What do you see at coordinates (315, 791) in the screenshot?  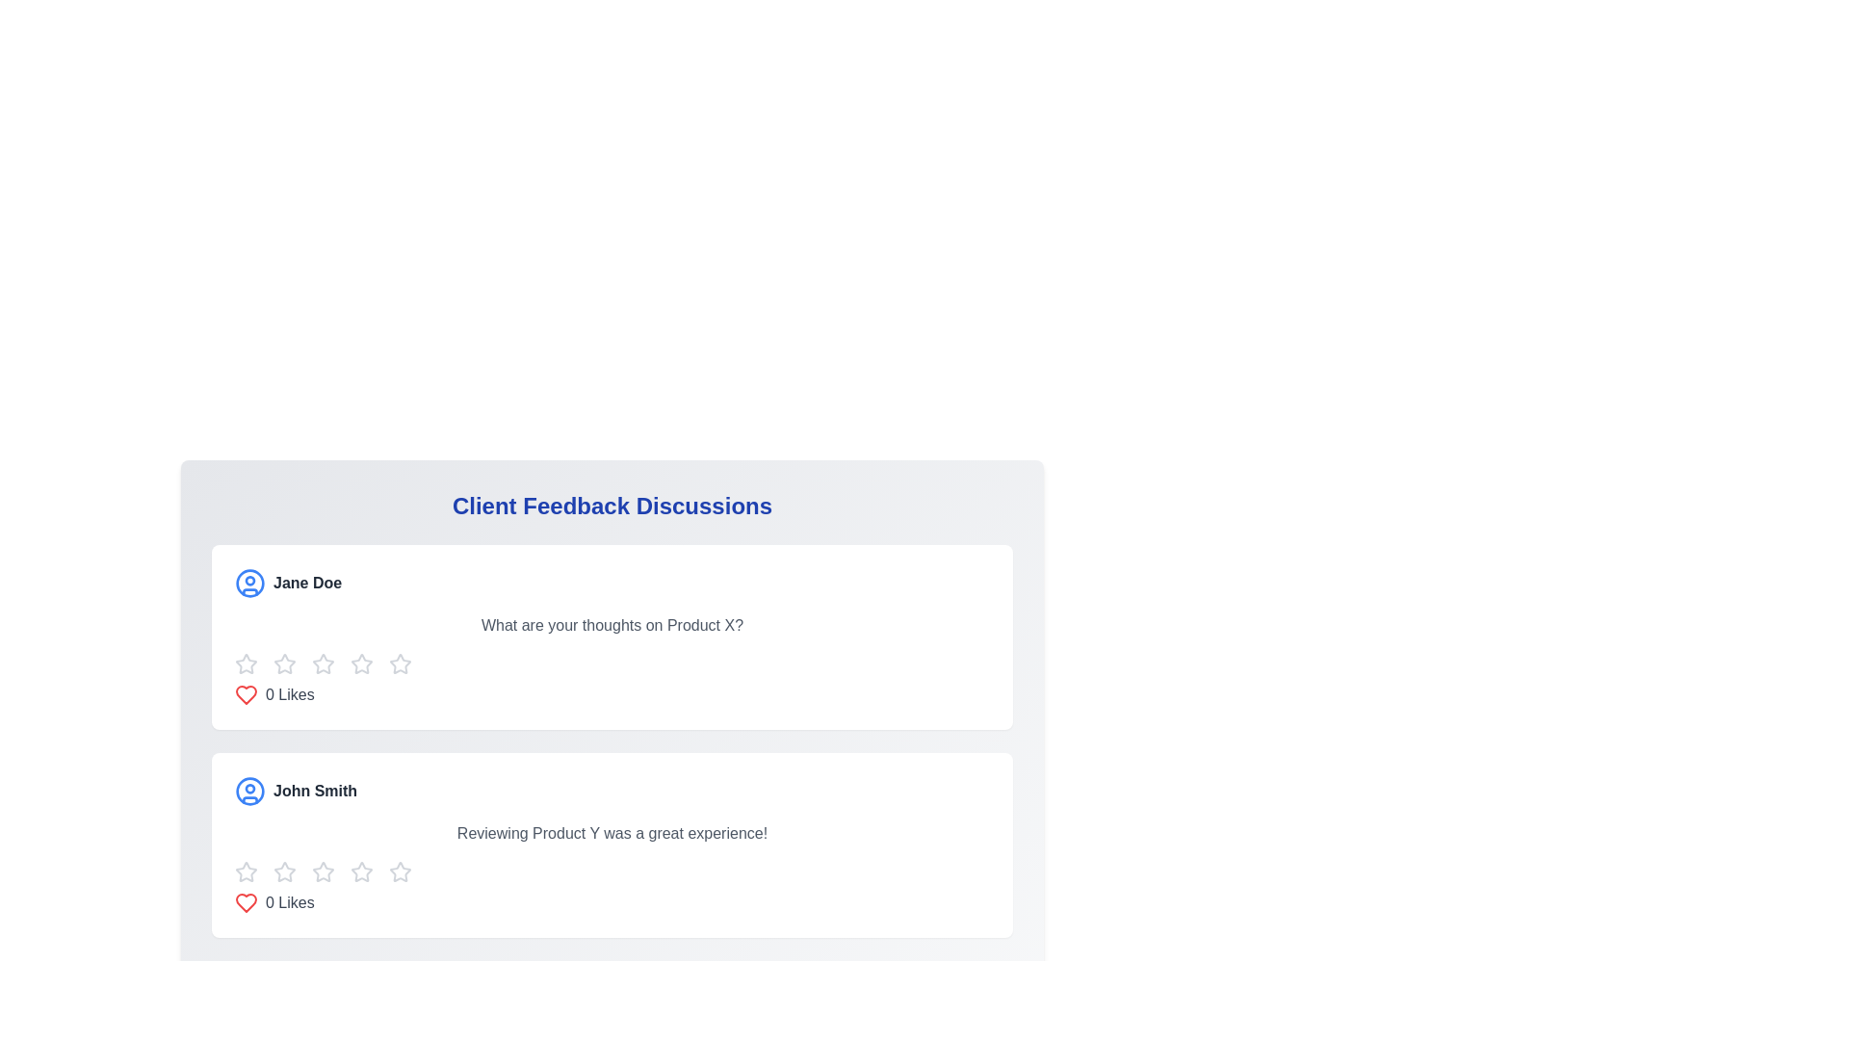 I see `the text label displaying 'John Smith', which is styled in bold and dark gray, located below the 'Jane Doe' section in the 'Client Feedback Discussions' panel` at bounding box center [315, 791].